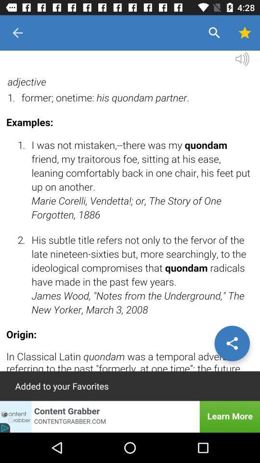 The image size is (260, 463). I want to click on the share icon, so click(232, 343).